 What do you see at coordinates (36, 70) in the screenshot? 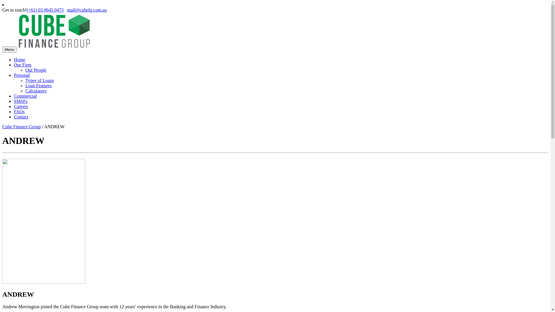
I see `'Our People'` at bounding box center [36, 70].